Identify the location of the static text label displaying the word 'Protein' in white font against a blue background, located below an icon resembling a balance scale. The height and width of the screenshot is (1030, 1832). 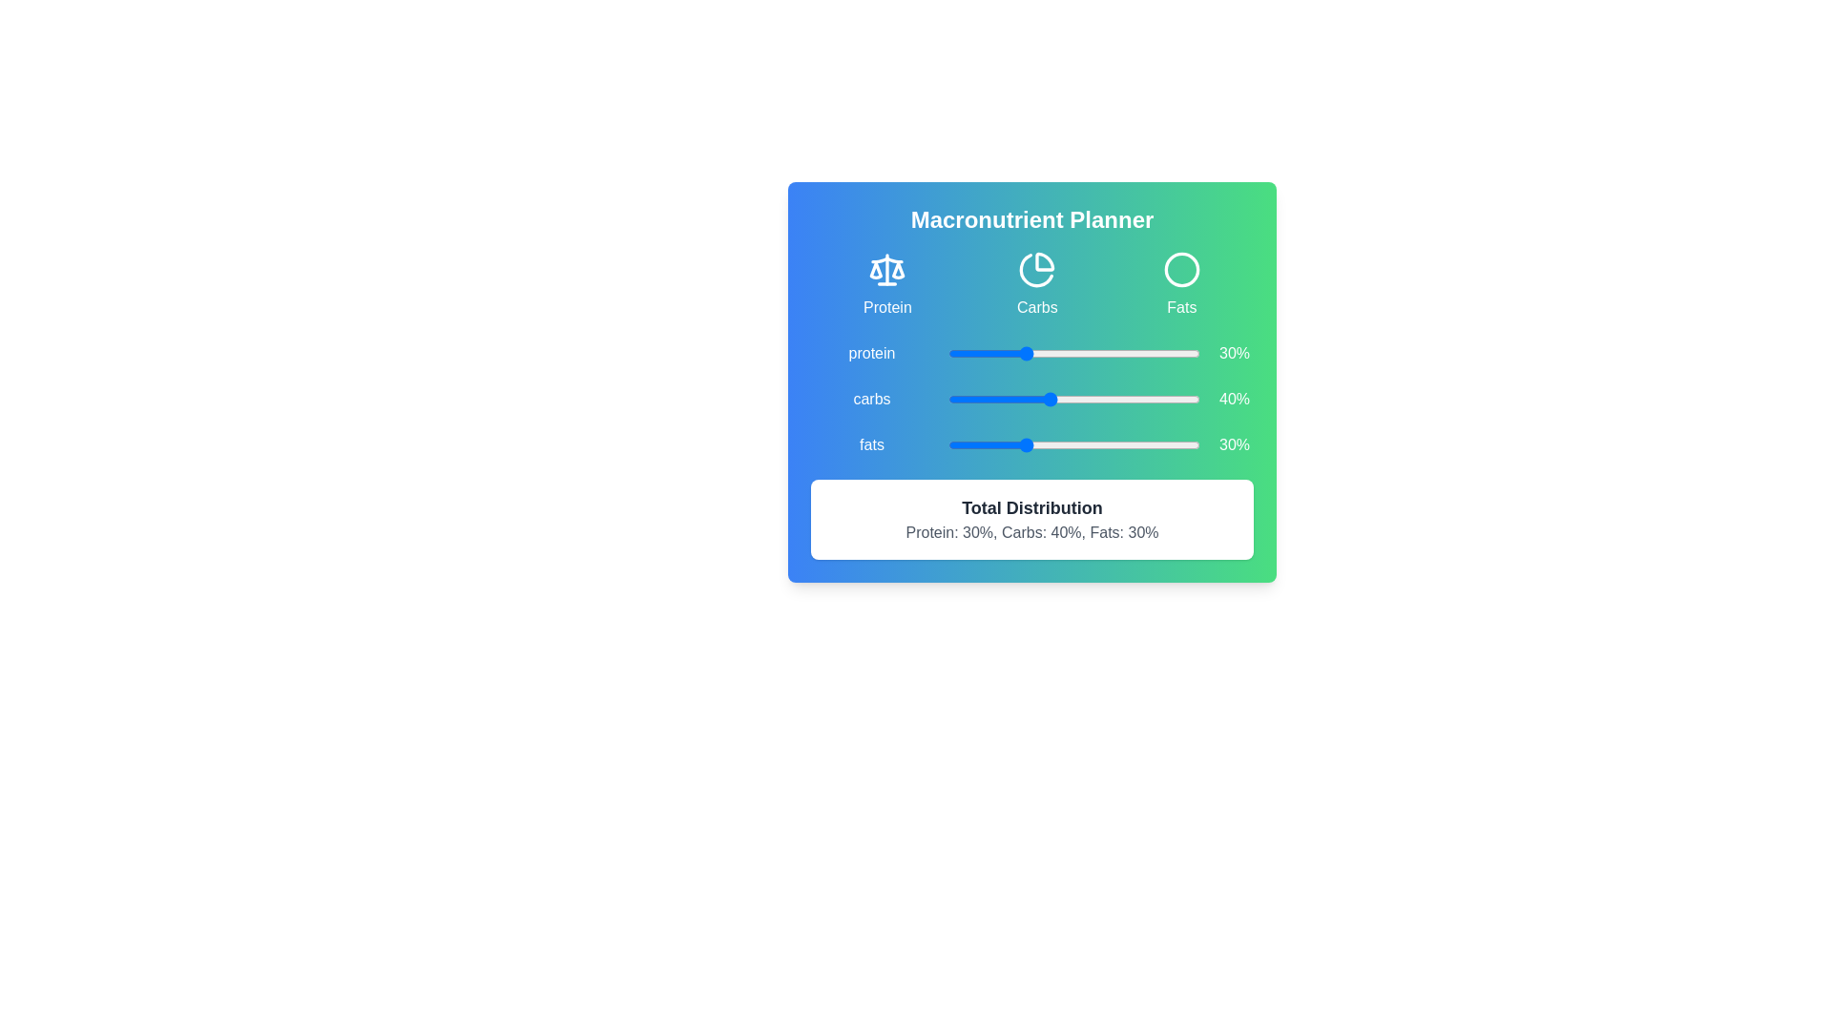
(886, 306).